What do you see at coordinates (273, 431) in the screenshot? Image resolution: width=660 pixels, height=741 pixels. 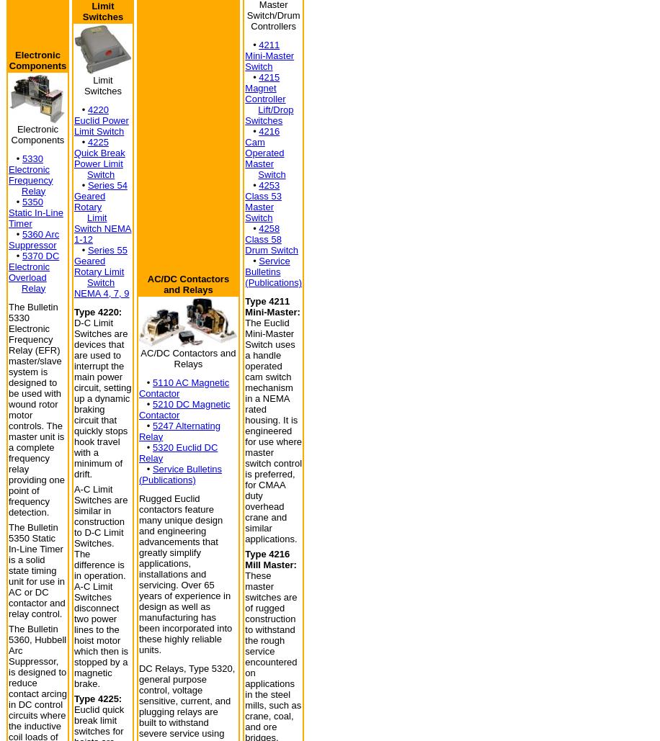 I see `'The Euclid Mini-Master Switch uses a handle operated cam switch mechanism in a NEMA rated housing.  It is engineered for use where master 
switch control is preferred, for CMAA duty overhead crane and similar applications.'` at bounding box center [273, 431].